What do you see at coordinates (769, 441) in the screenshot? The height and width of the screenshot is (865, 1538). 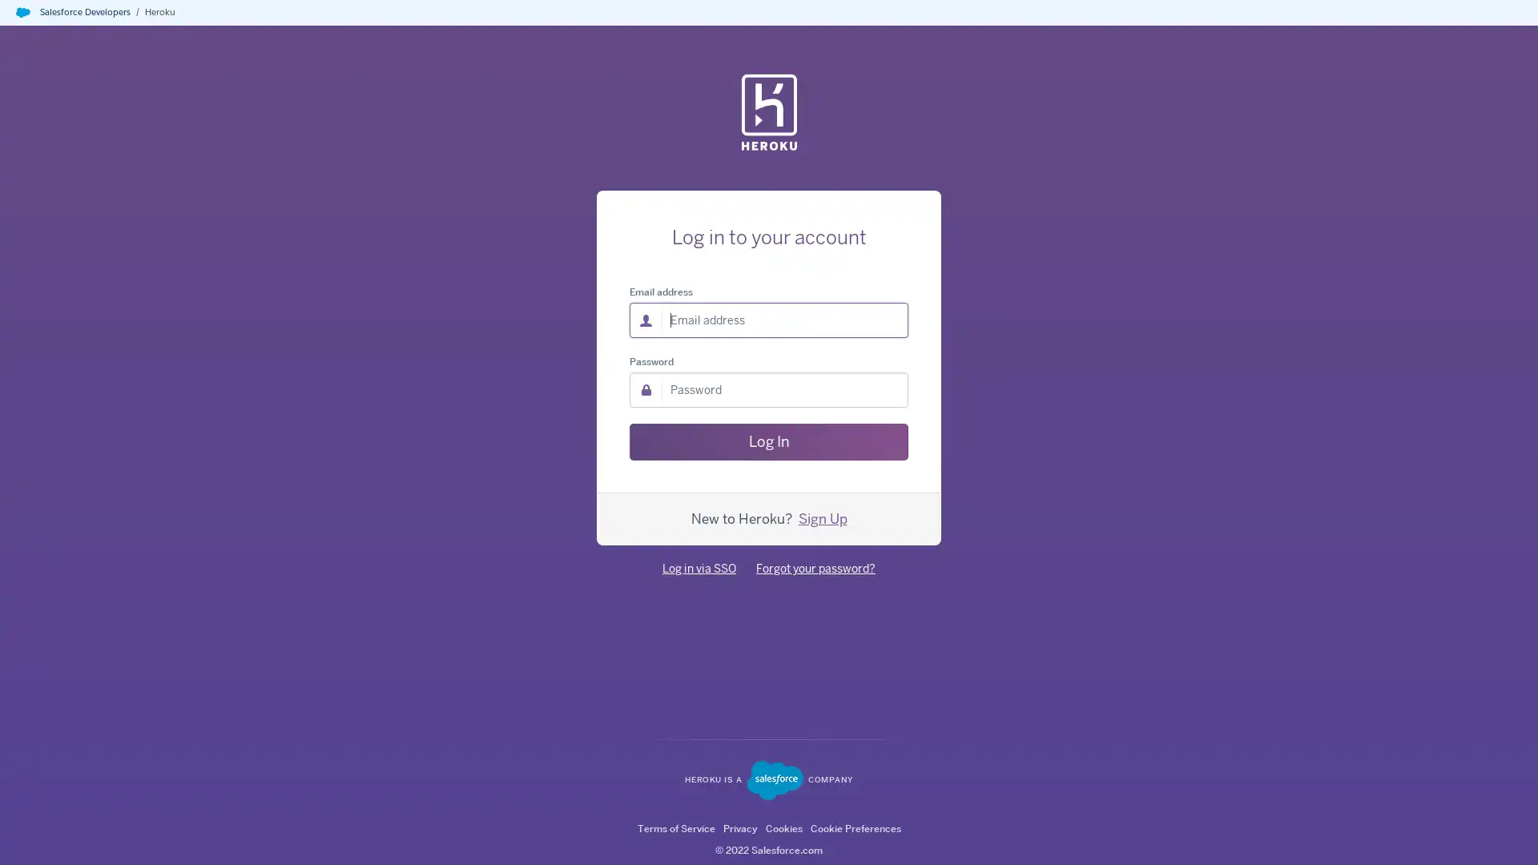 I see `Log In` at bounding box center [769, 441].